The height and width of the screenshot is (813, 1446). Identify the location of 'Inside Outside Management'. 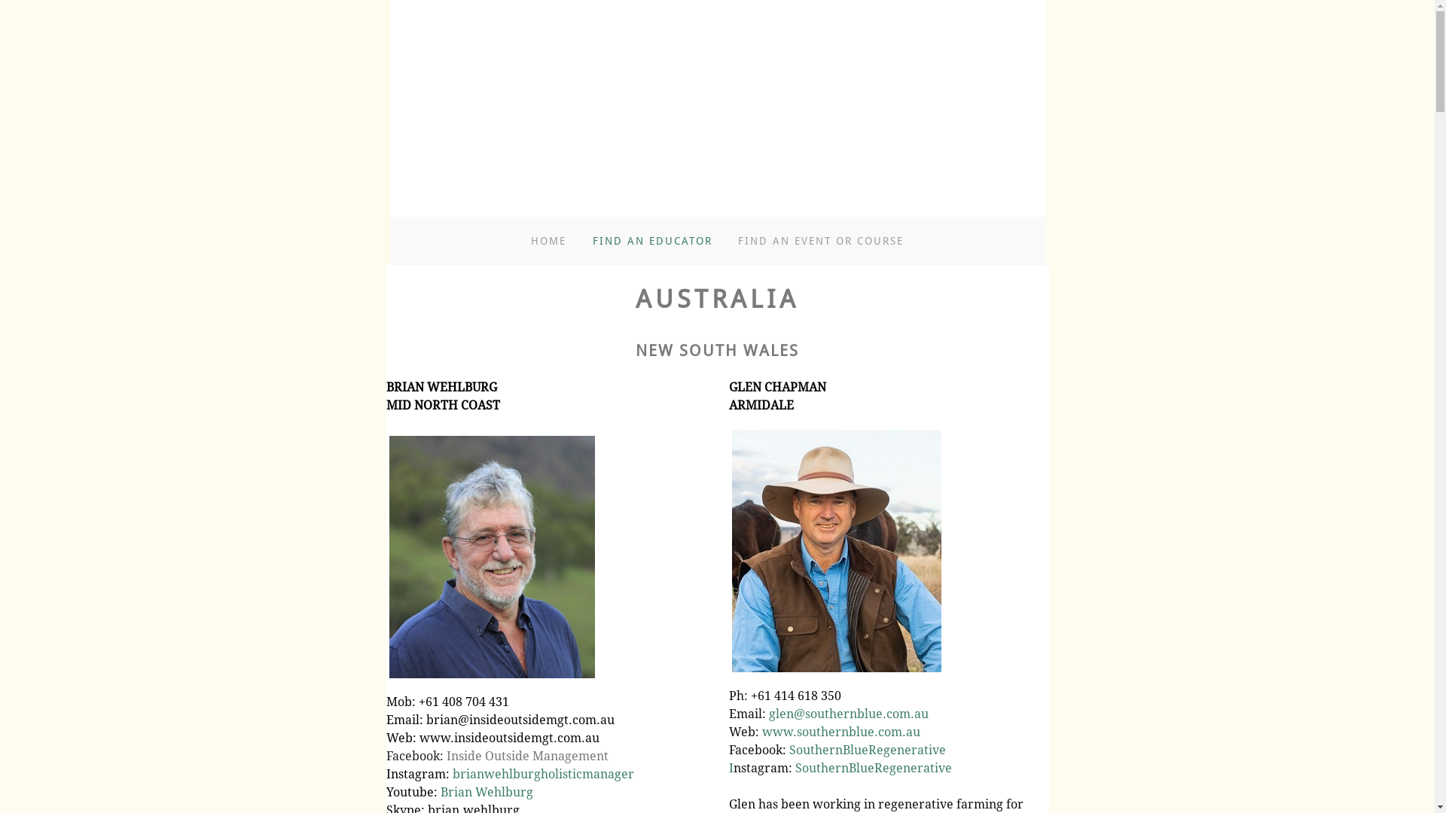
(526, 756).